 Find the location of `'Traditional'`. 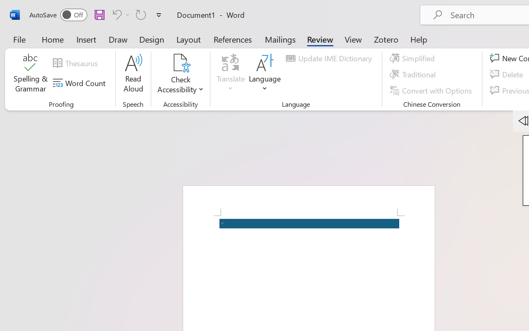

'Traditional' is located at coordinates (414, 74).